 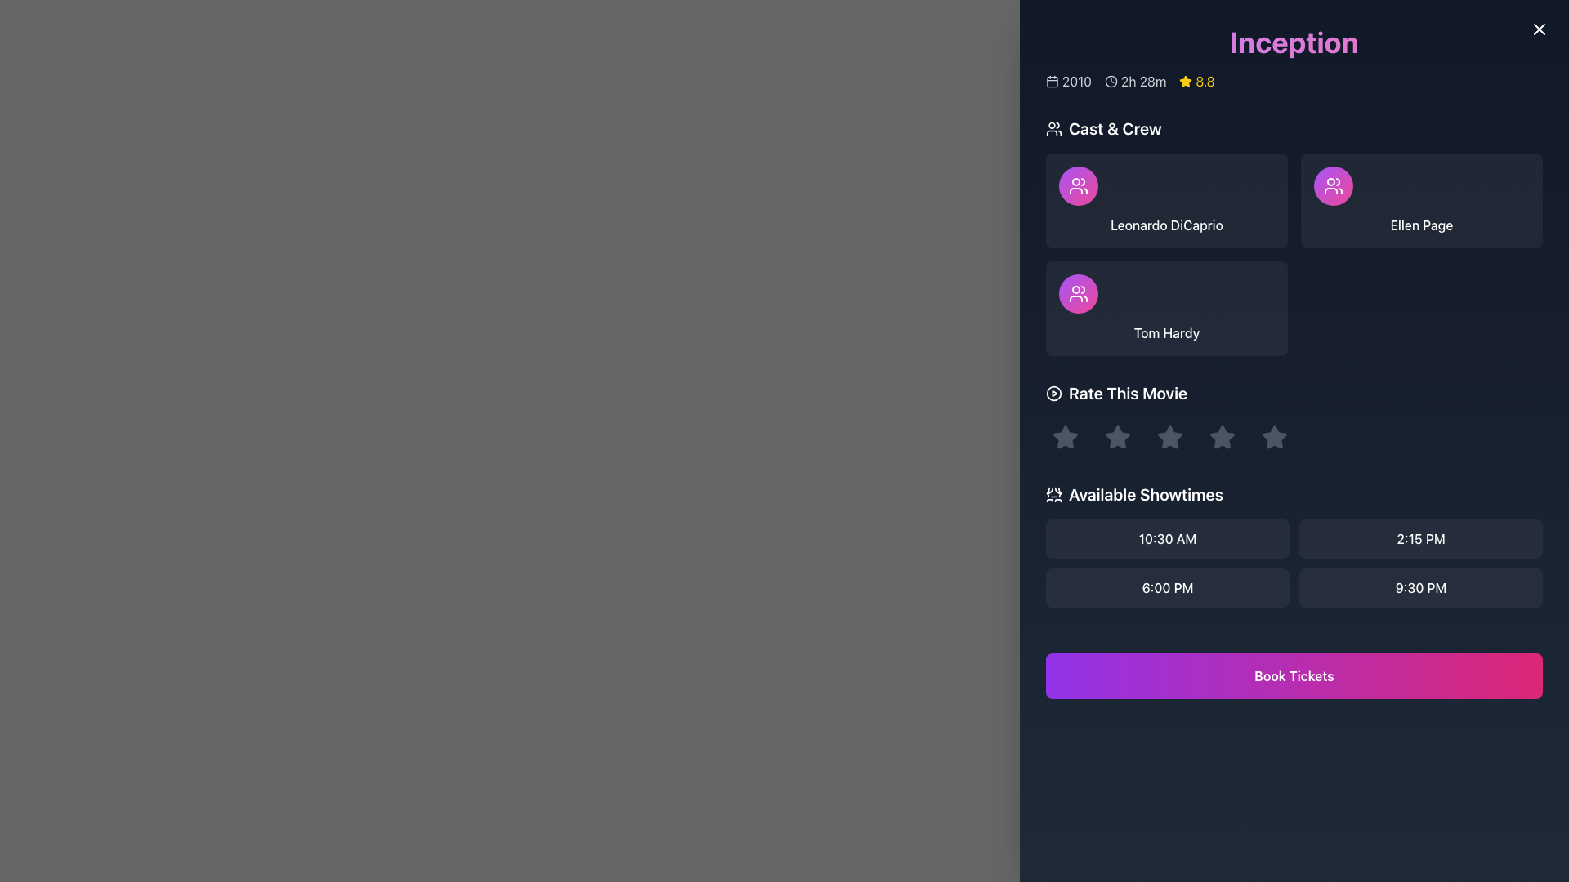 I want to click on the label displaying 'Ellen Page' in the third card of the 'Cast & Crew' section, which is the rightmost card in the top row, so click(x=1420, y=225).